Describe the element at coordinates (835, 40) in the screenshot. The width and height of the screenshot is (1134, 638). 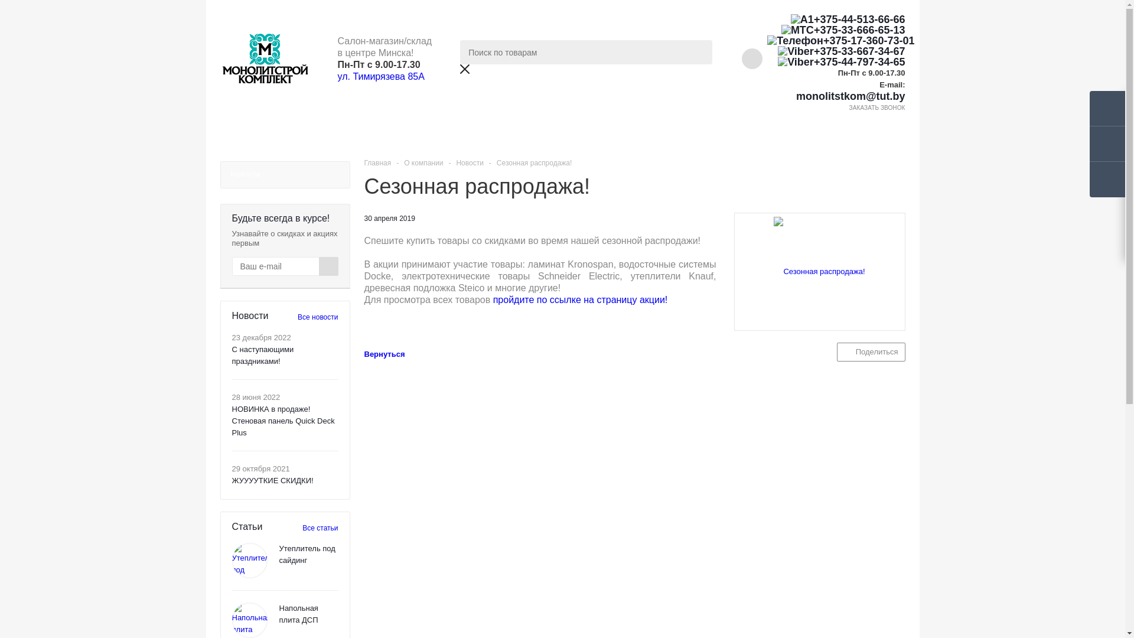
I see `'+375-17-360-73-01'` at that location.